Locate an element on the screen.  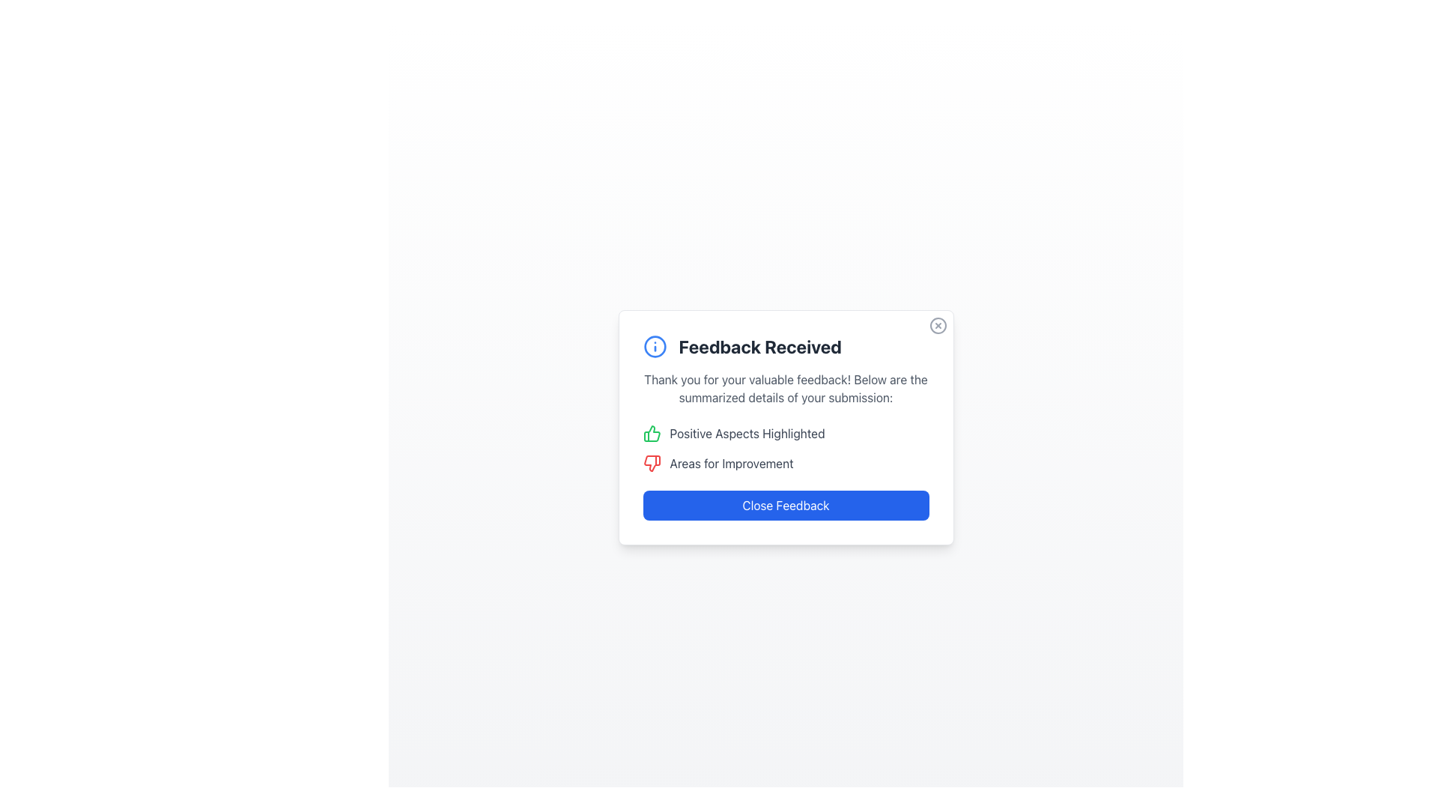
the close button located at the bottom of the feedback dialog is located at coordinates (785, 506).